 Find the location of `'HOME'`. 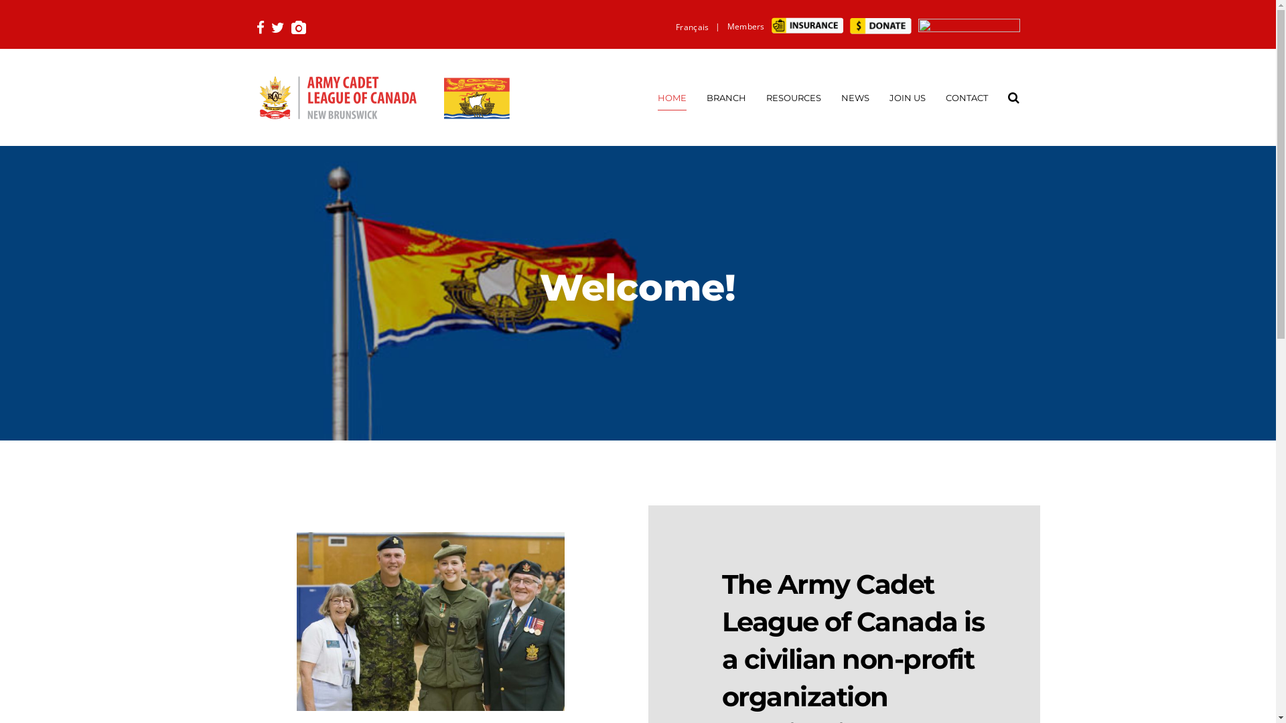

'HOME' is located at coordinates (658, 96).